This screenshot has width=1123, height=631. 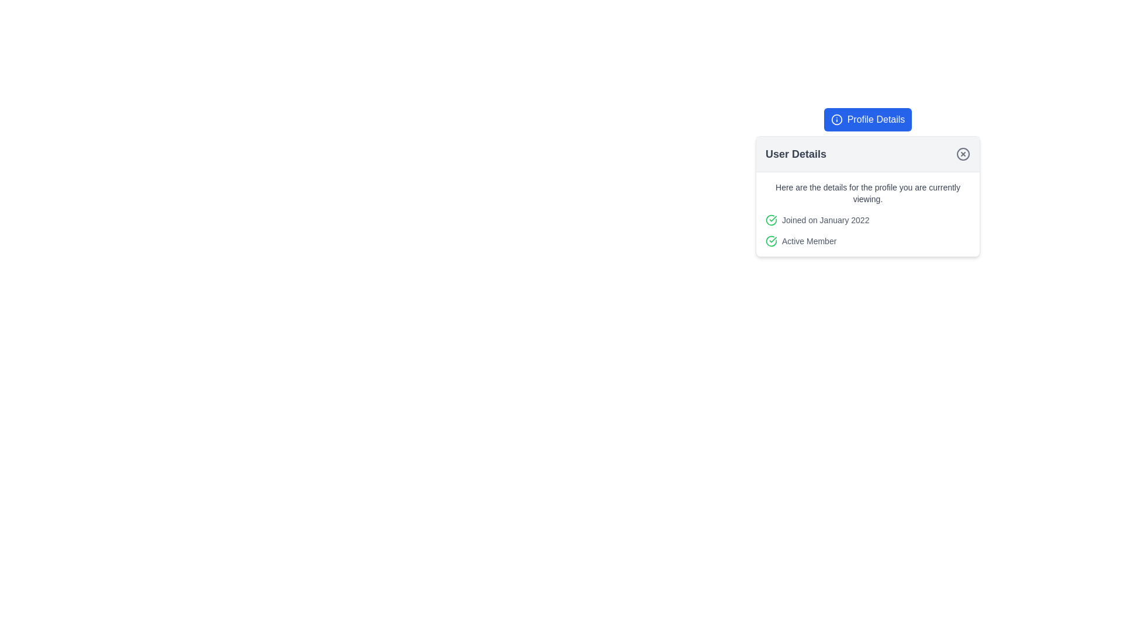 I want to click on the profile information button located above the 'User Details' box, so click(x=867, y=119).